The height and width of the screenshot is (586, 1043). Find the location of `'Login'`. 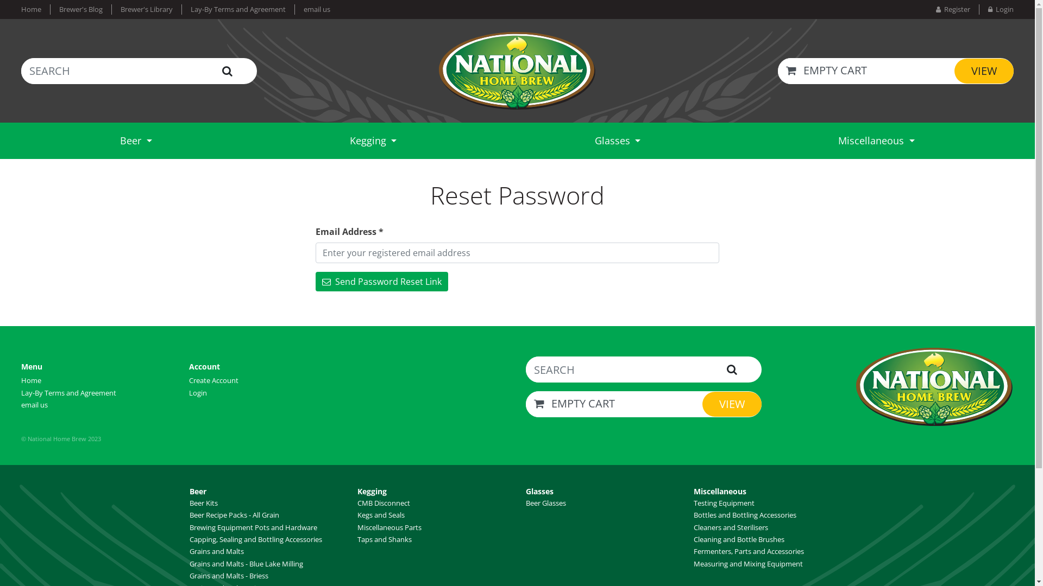

'Login' is located at coordinates (198, 392).